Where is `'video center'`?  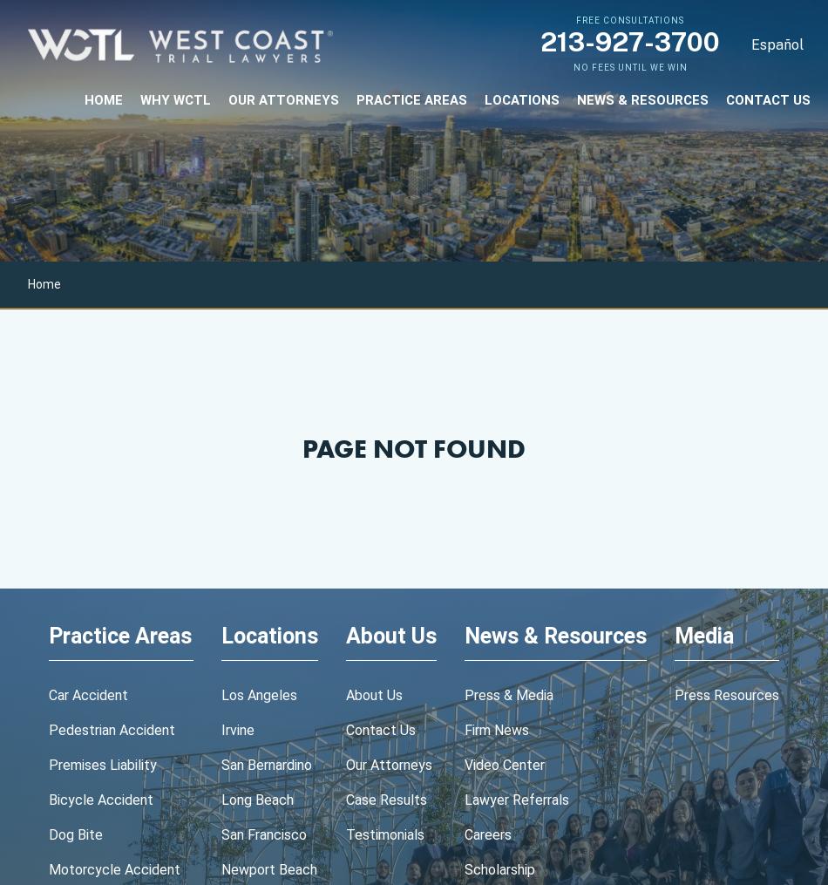 'video center' is located at coordinates (505, 764).